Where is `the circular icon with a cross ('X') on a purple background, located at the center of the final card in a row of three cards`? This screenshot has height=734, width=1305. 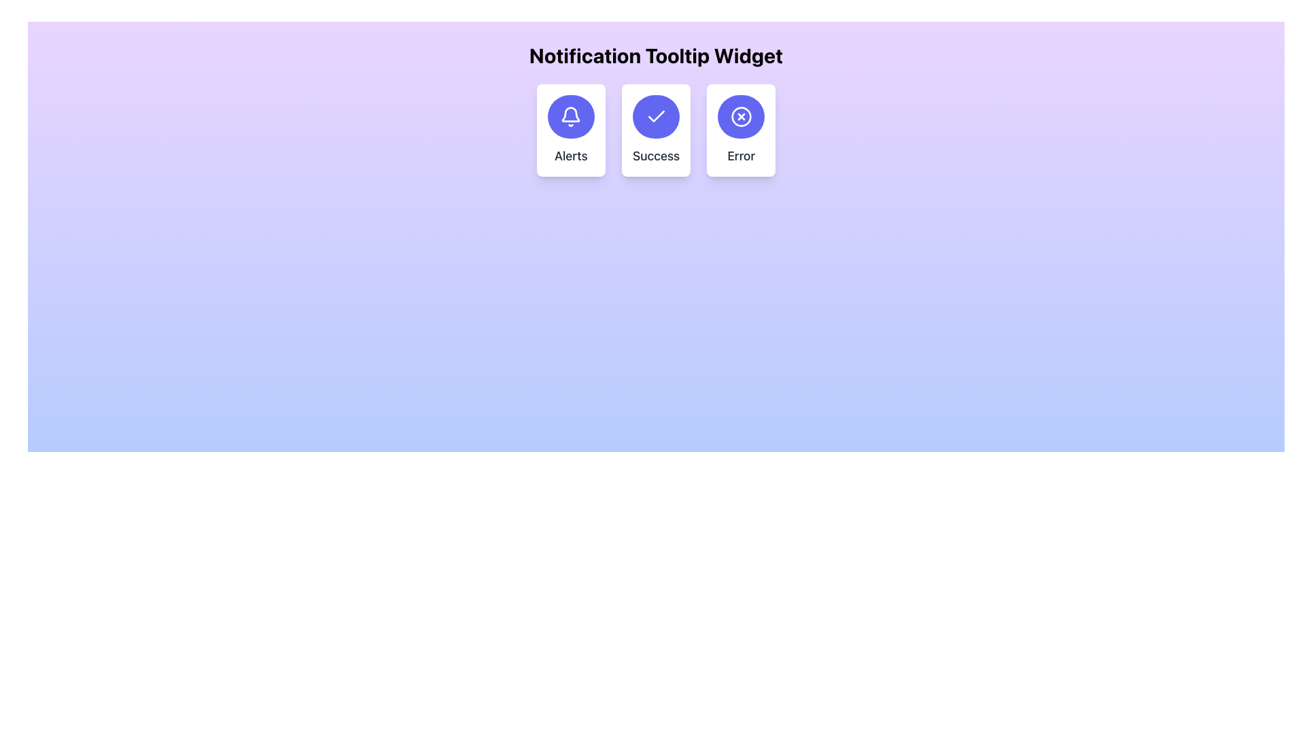
the circular icon with a cross ('X') on a purple background, located at the center of the final card in a row of three cards is located at coordinates (739, 116).